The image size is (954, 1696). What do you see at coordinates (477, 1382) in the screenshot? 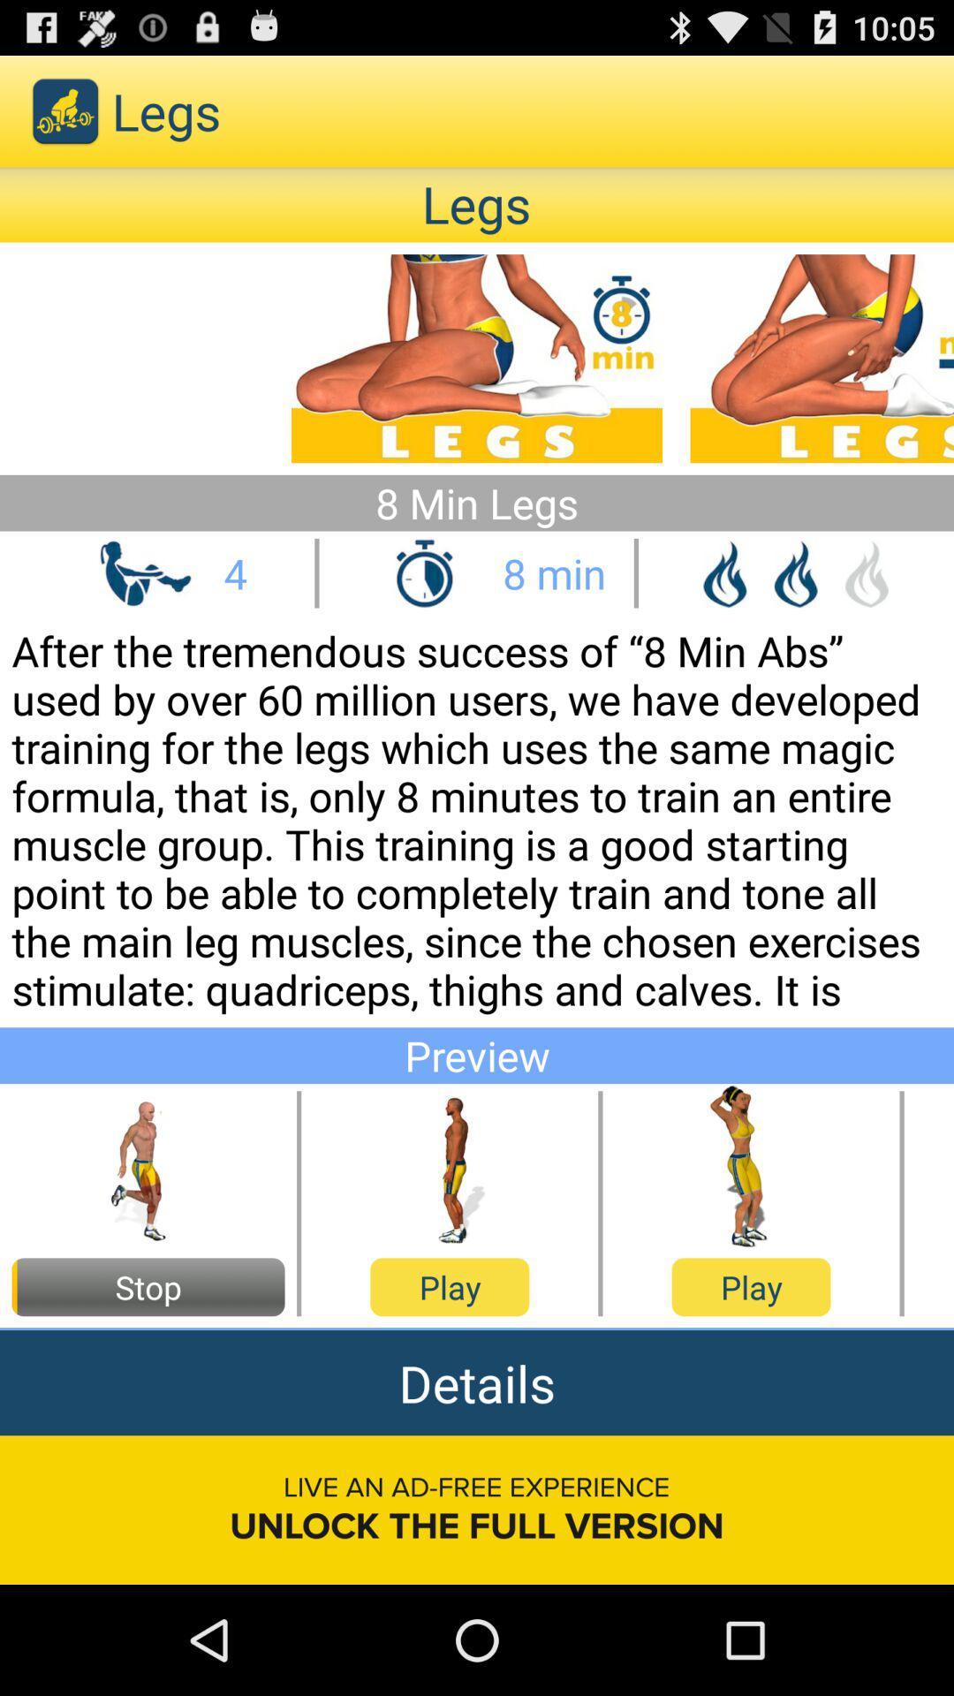
I see `icon above live an ad` at bounding box center [477, 1382].